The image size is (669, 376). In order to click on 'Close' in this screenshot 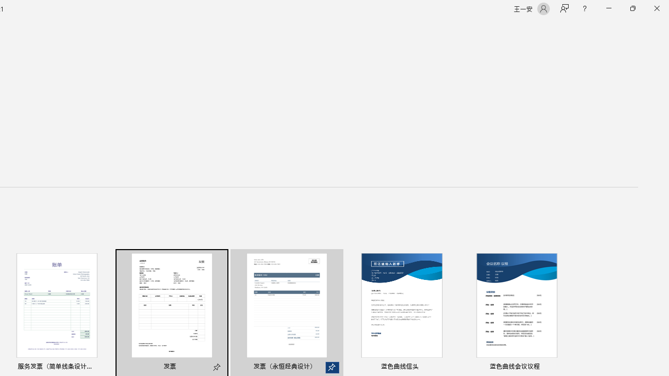, I will do `click(656, 8)`.